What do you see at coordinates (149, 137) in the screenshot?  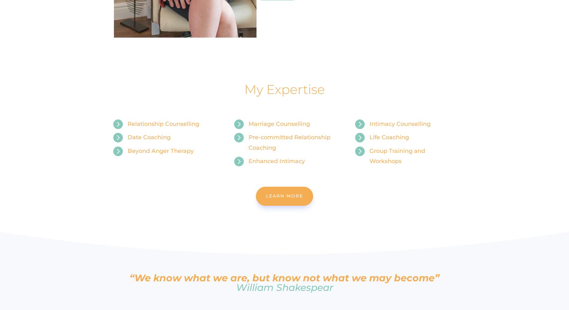 I see `'Date Coaching'` at bounding box center [149, 137].